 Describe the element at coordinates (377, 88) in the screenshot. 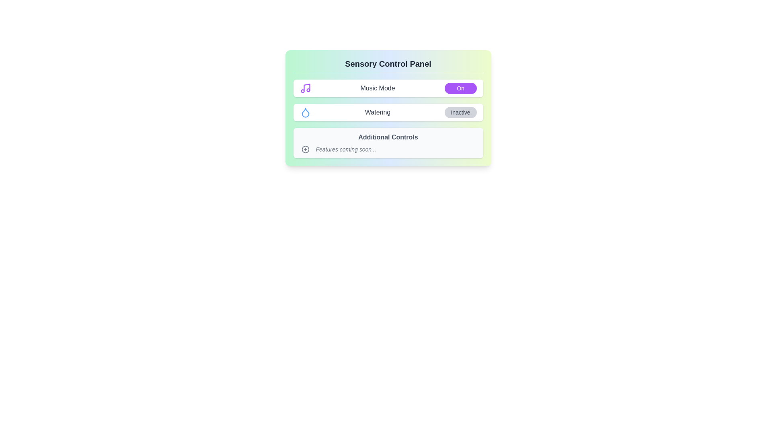

I see `the 'Music Mode' label in the Sensory Control Panel, which is located at the top of the interface between the music icon and the toggle button labeled 'On'` at that location.